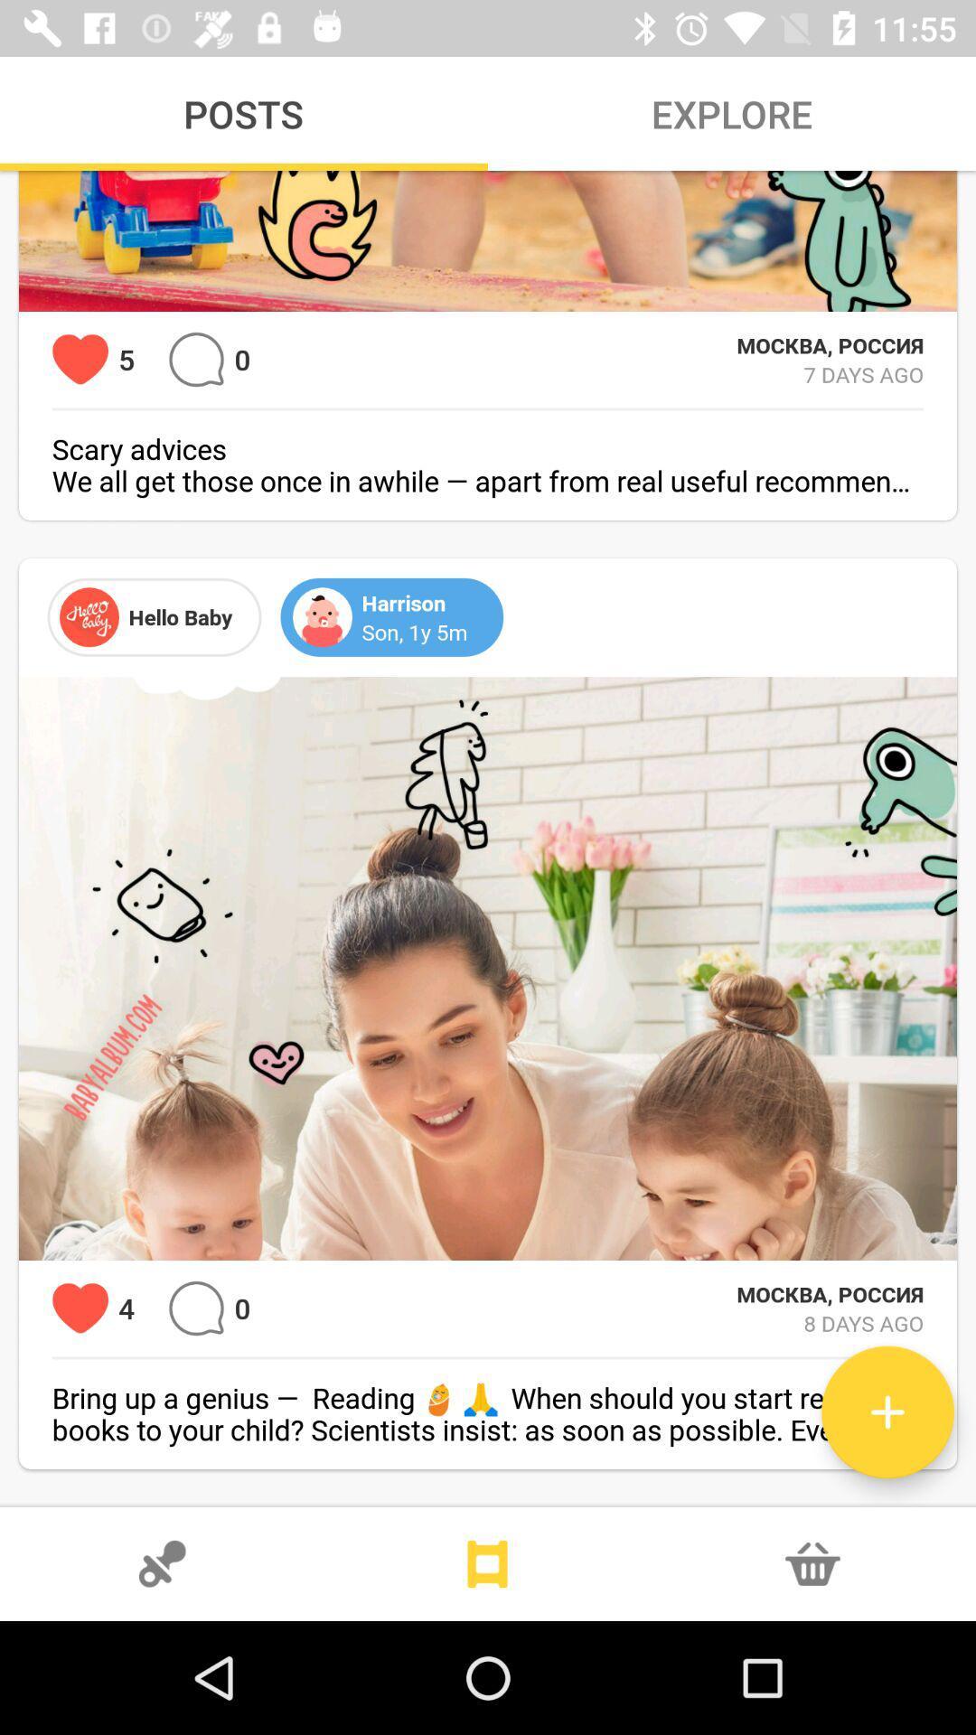 The width and height of the screenshot is (976, 1735). I want to click on heart this photo, so click(80, 1308).